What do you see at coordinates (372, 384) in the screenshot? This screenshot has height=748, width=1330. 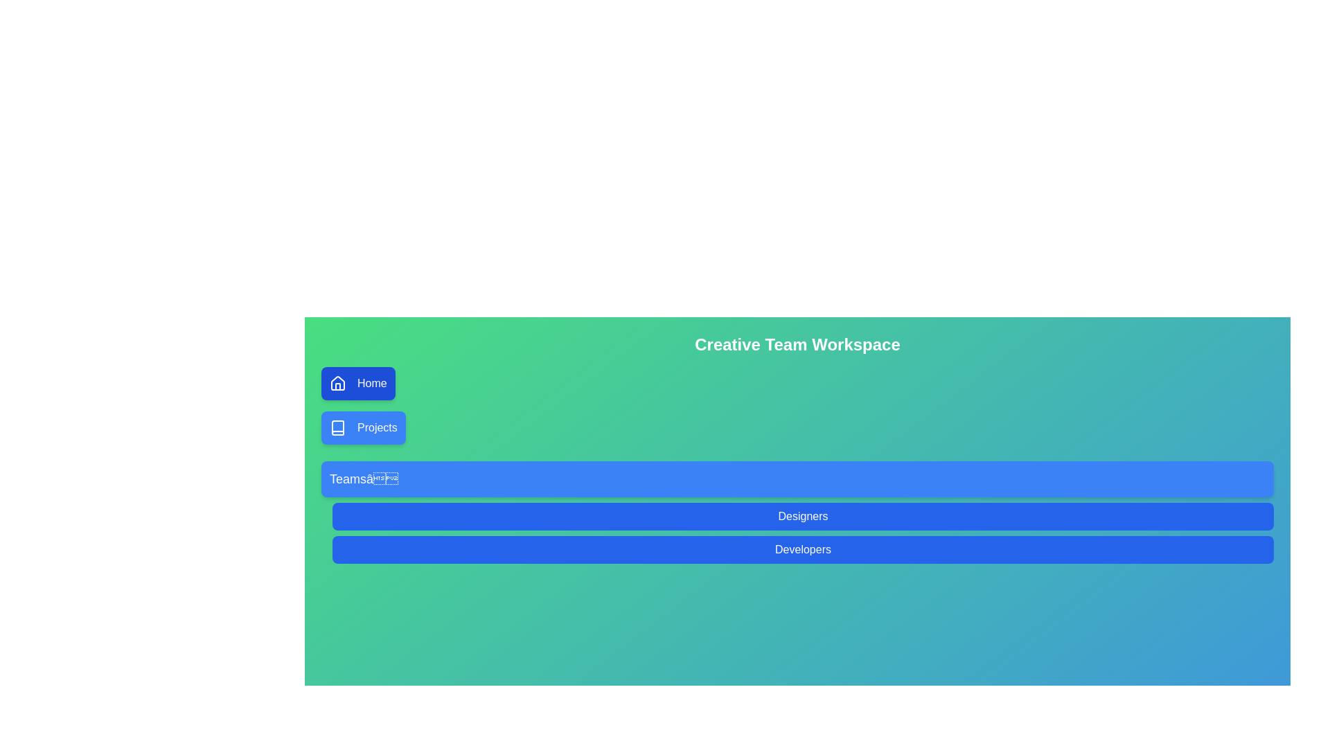 I see `the 'Home' text label within the navigation button styled in white against a blue background` at bounding box center [372, 384].